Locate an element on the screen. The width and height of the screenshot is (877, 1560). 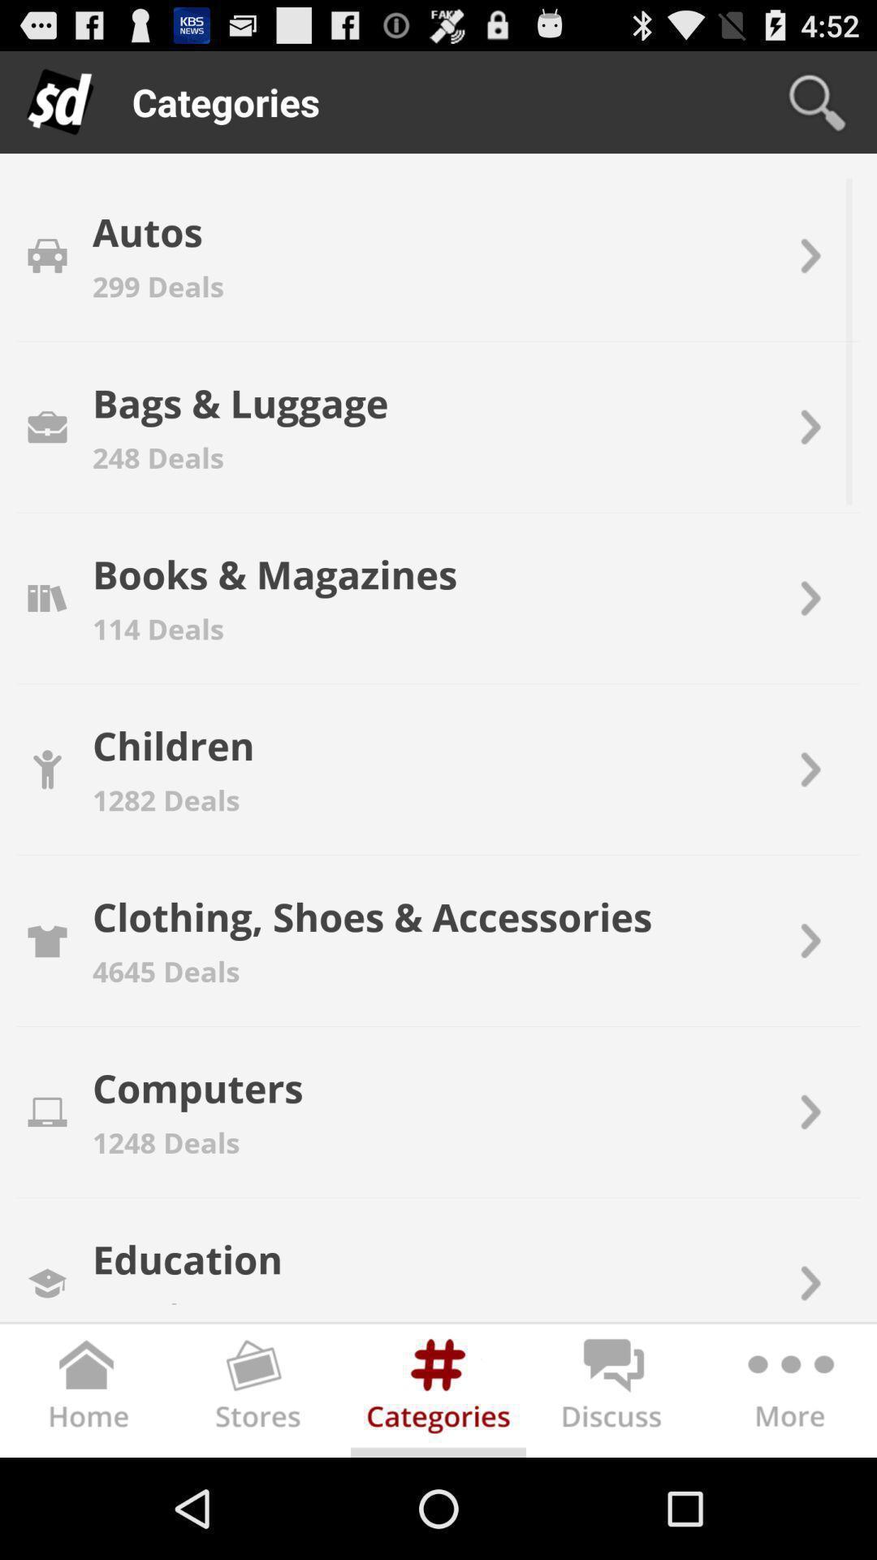
esta opo abrir uma nova pagina com mais descries is located at coordinates (788, 1393).